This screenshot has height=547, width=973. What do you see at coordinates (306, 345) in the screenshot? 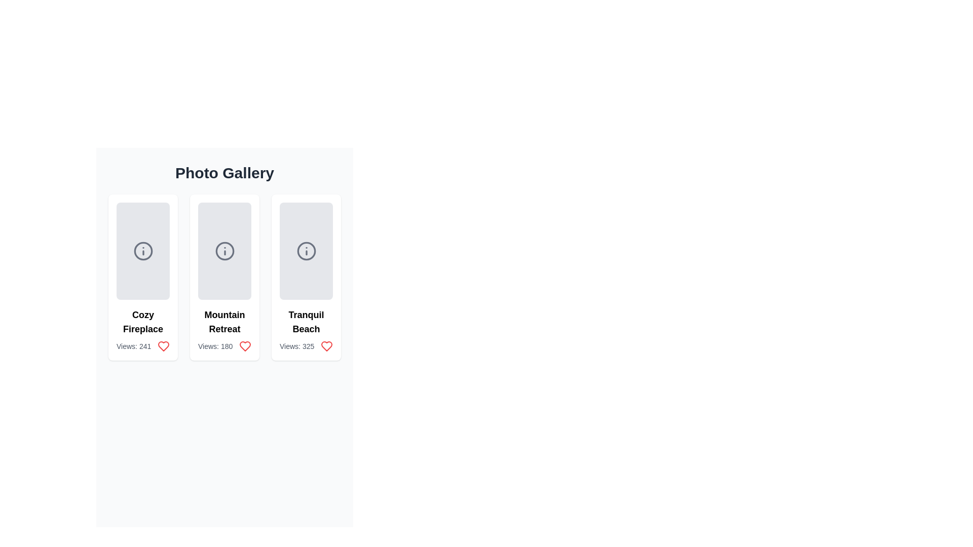
I see `the informational text label displaying the number of views (325) for the 'Tranquil Beach' content, located at the bottom of the 'Tranquil Beach' card in the Photo Gallery section` at bounding box center [306, 345].